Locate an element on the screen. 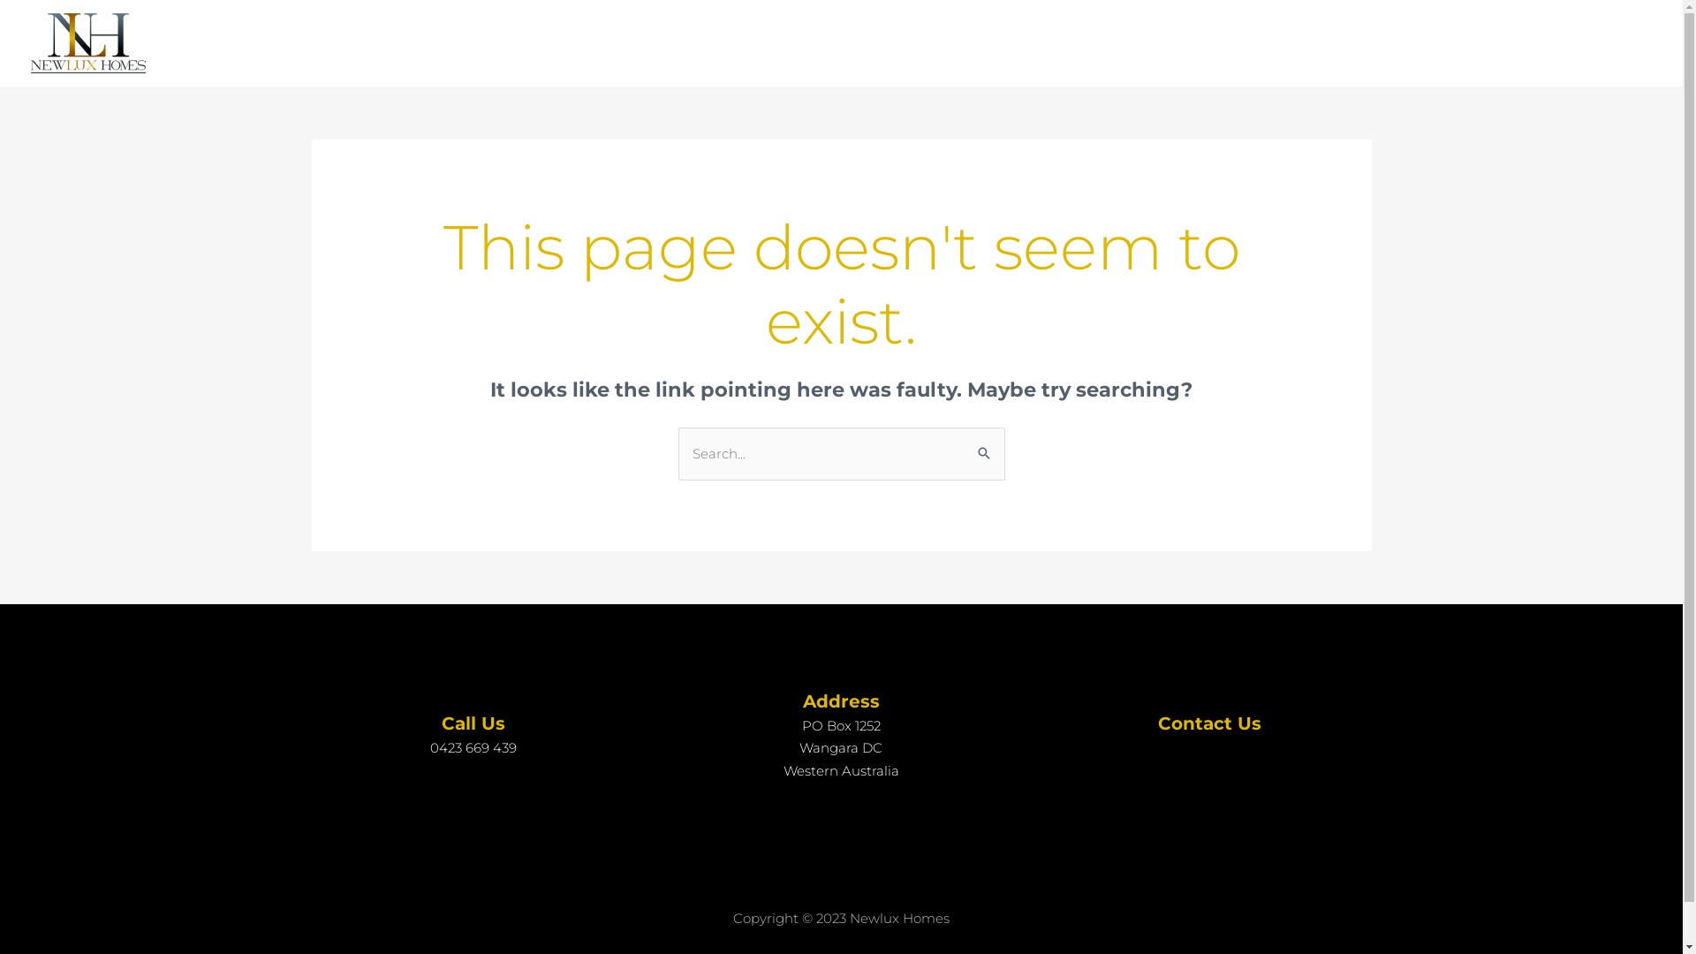 The width and height of the screenshot is (1696, 954). 'Search' is located at coordinates (983, 445).